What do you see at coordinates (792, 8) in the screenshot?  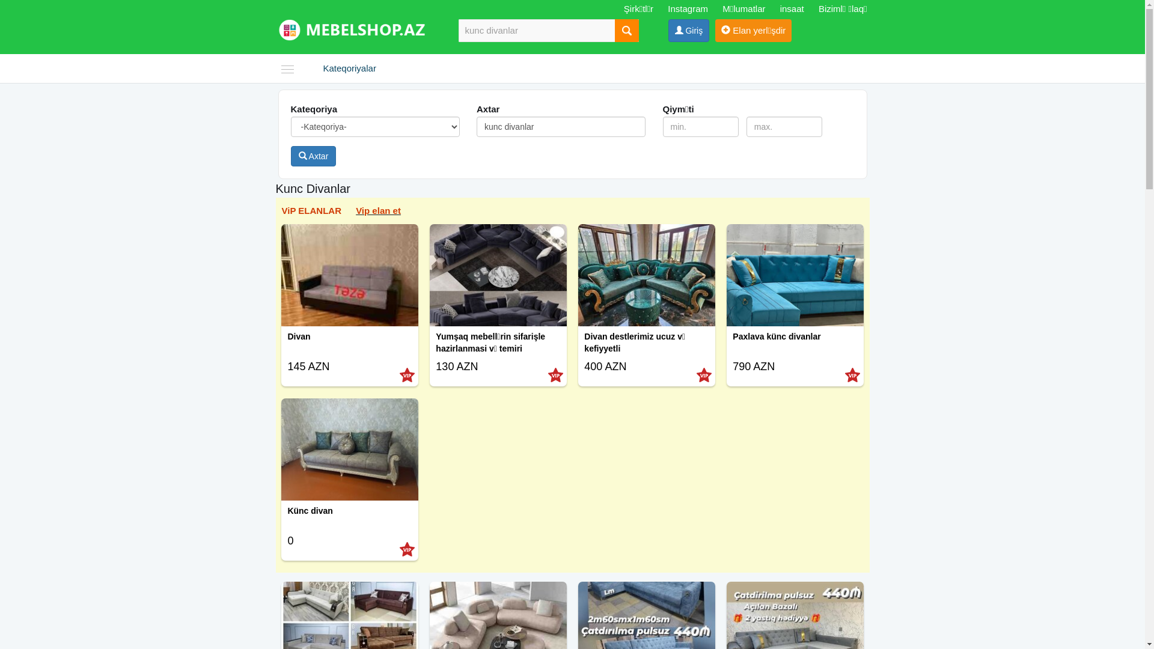 I see `'insaat'` at bounding box center [792, 8].